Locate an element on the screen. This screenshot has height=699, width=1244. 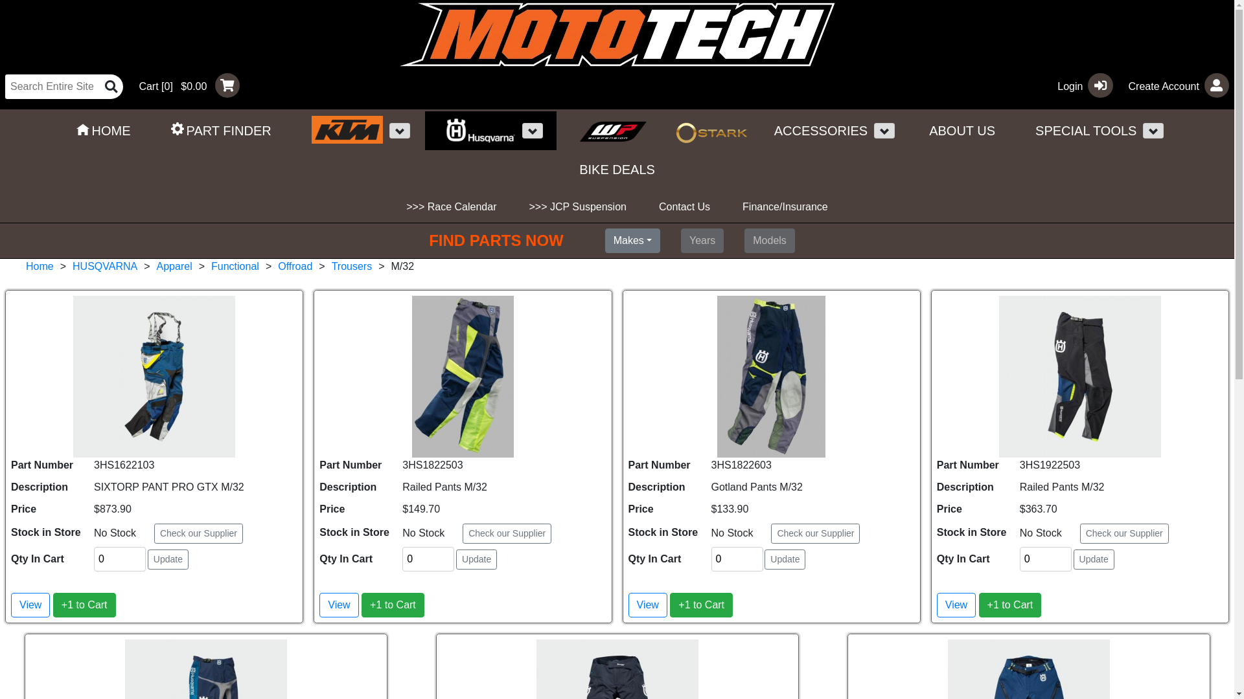
'HUSQVARNA' is located at coordinates (71, 265).